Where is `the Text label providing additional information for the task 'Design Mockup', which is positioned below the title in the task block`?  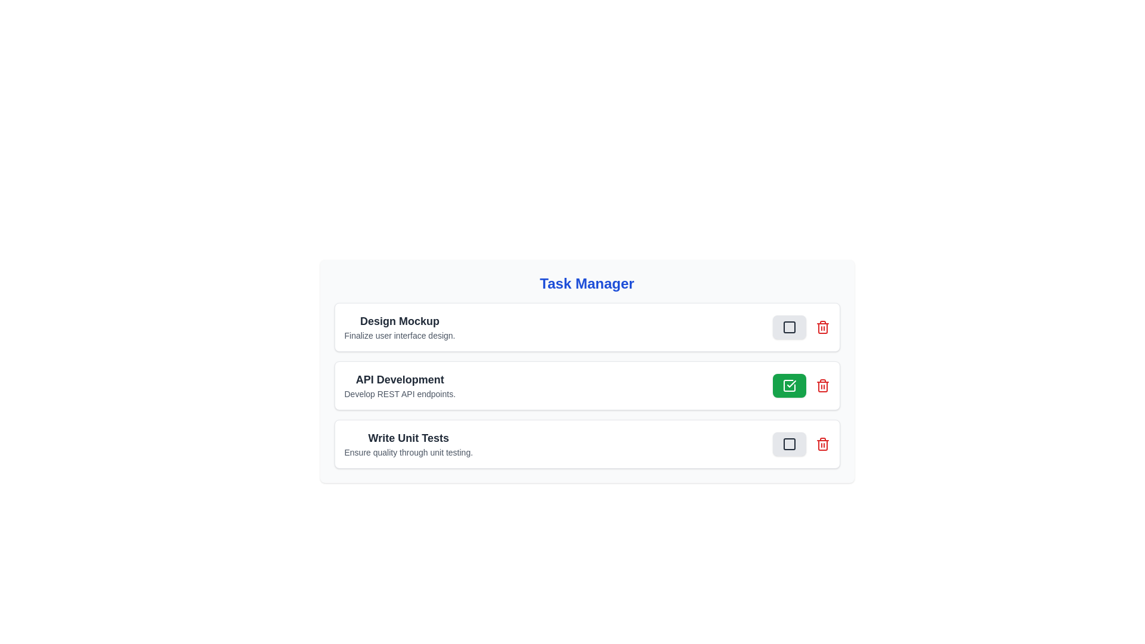 the Text label providing additional information for the task 'Design Mockup', which is positioned below the title in the task block is located at coordinates (400, 336).